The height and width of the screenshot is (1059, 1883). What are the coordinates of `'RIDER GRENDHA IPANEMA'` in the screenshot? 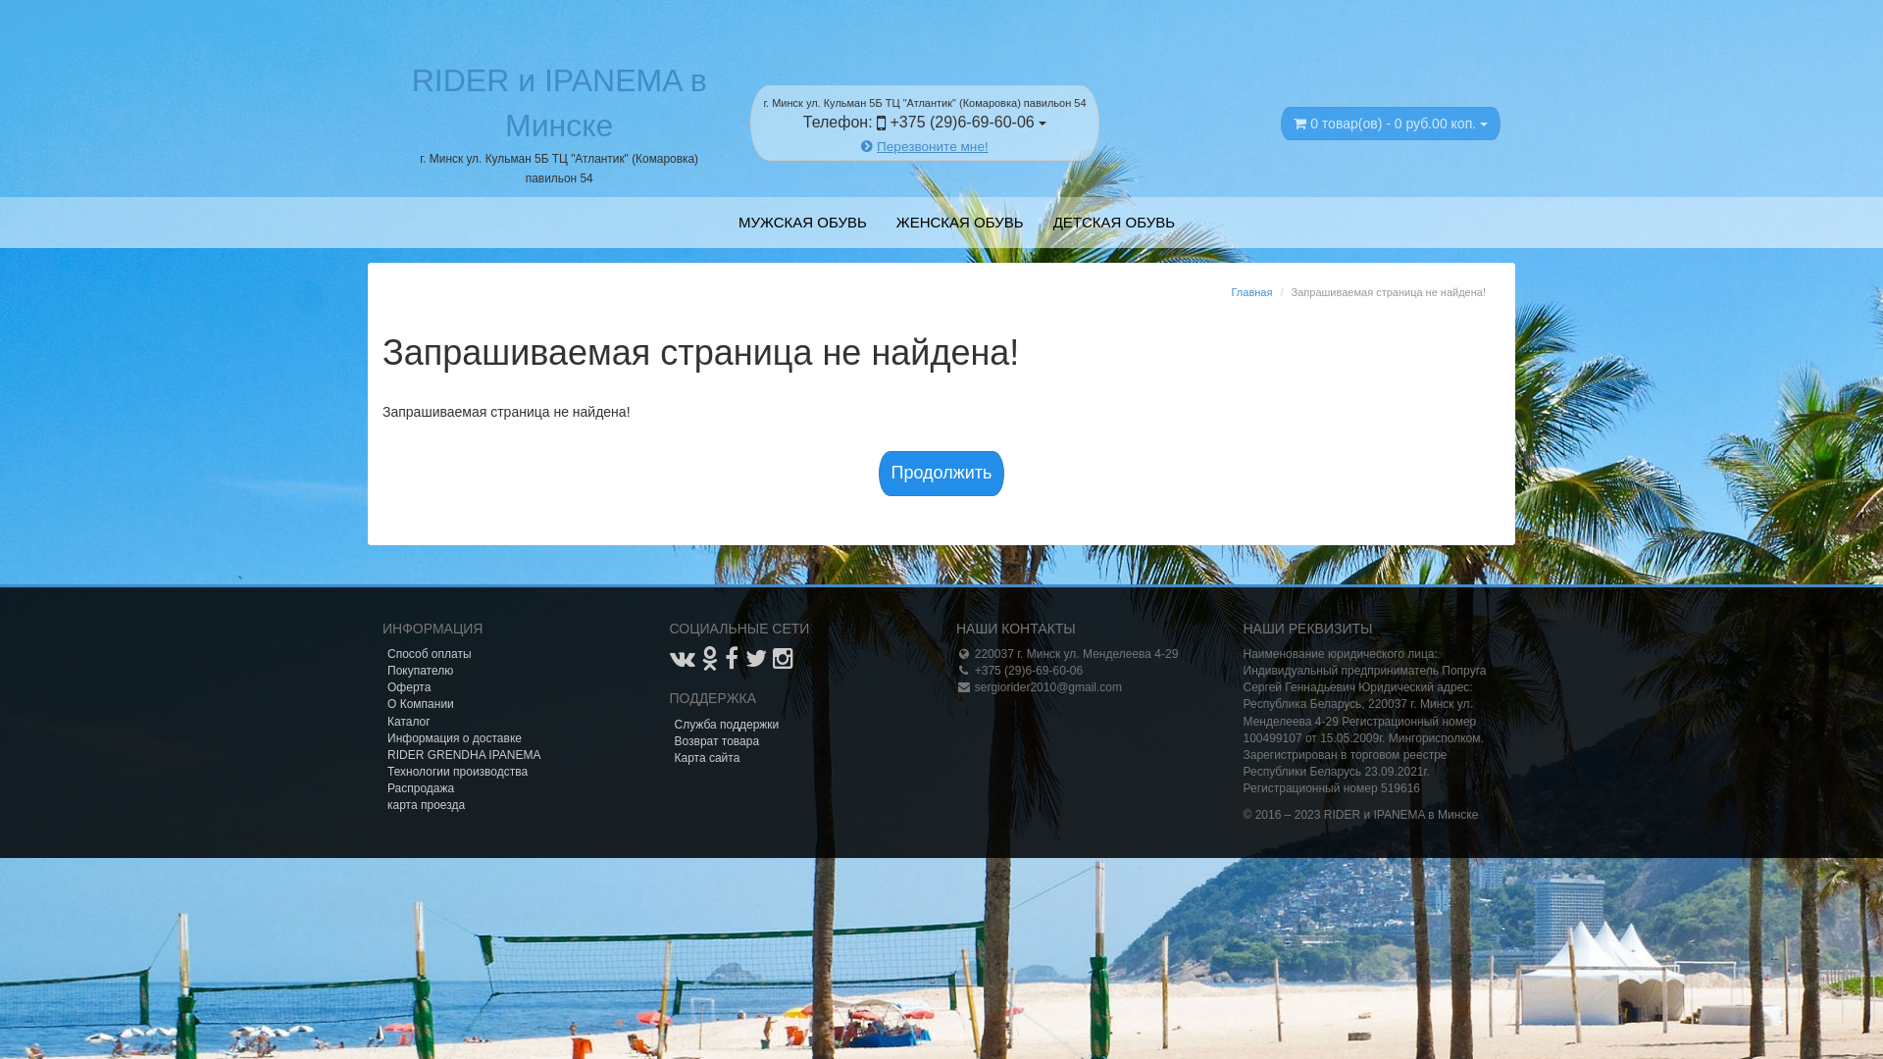 It's located at (386, 754).